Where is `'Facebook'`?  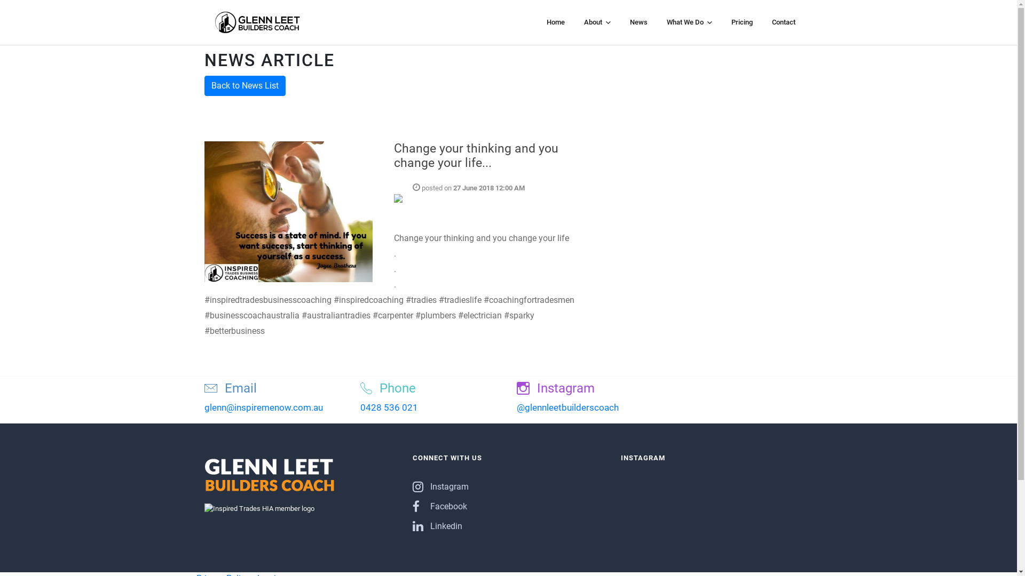 'Facebook' is located at coordinates (439, 505).